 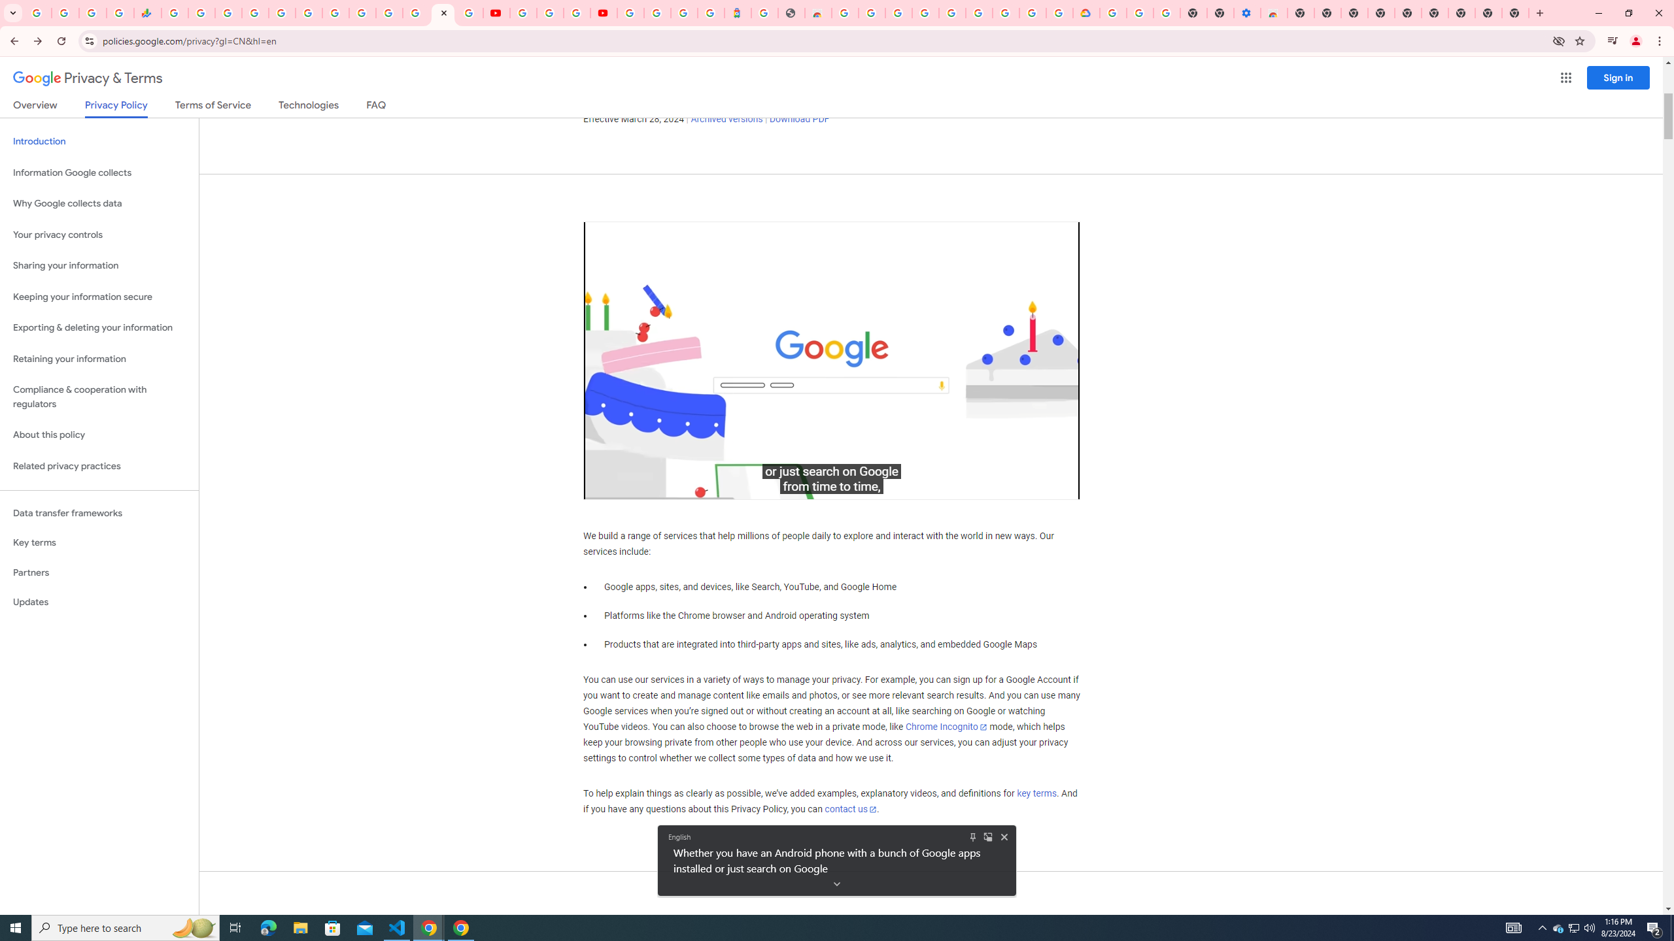 What do you see at coordinates (99, 235) in the screenshot?
I see `'Your privacy controls'` at bounding box center [99, 235].